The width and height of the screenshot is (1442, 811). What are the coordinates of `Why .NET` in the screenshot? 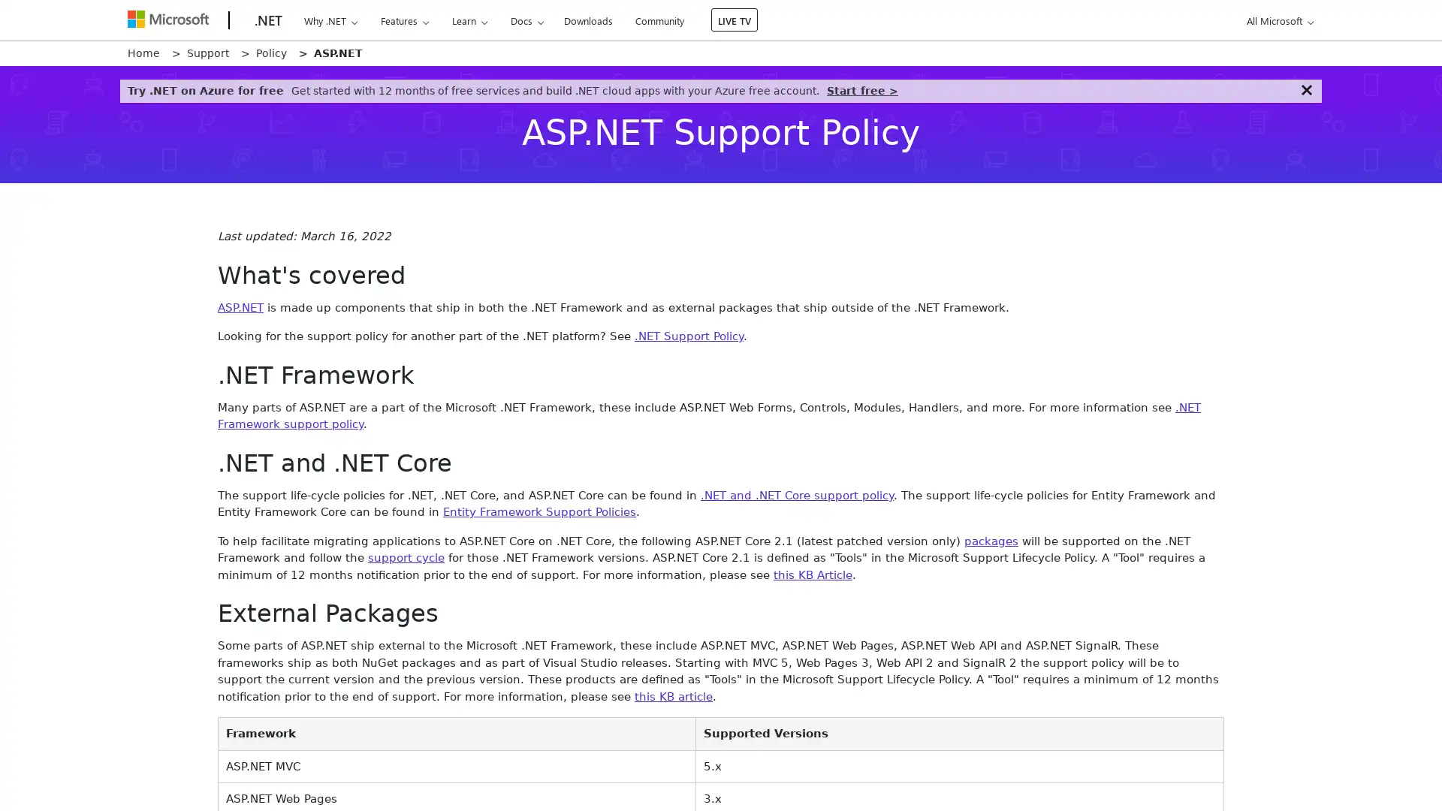 It's located at (330, 20).